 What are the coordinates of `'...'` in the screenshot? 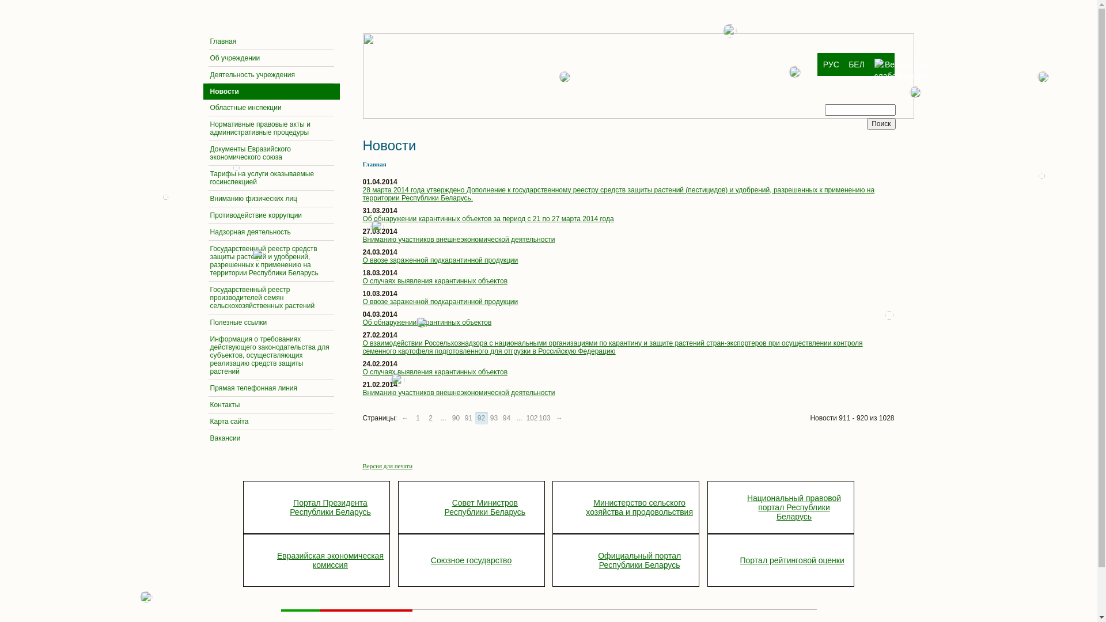 It's located at (442, 418).